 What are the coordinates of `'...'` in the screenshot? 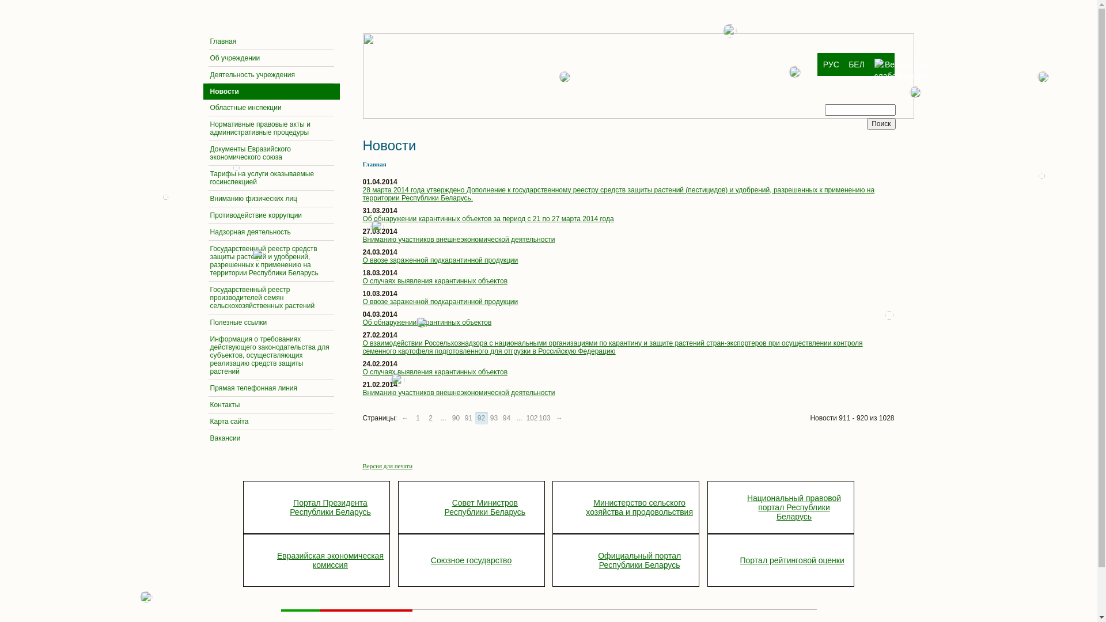 It's located at (442, 418).